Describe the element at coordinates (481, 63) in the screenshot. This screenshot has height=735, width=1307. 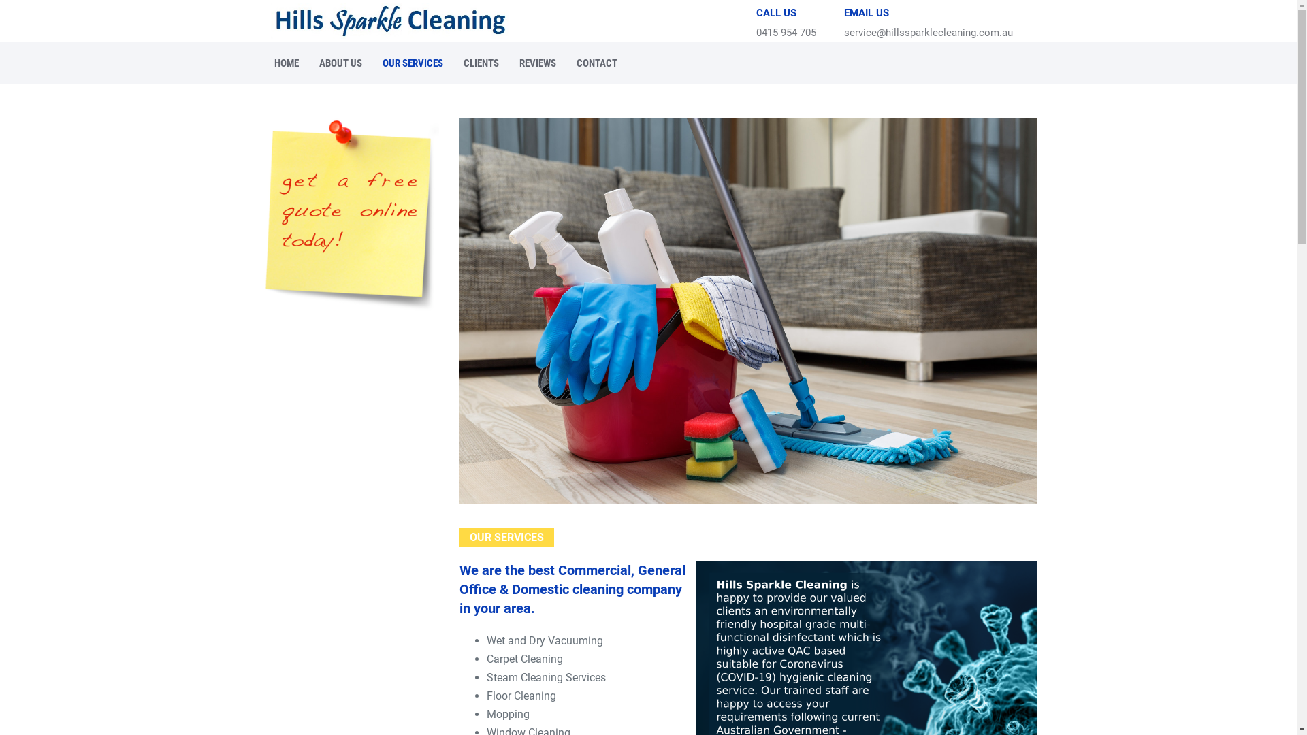
I see `'CLIENTS'` at that location.